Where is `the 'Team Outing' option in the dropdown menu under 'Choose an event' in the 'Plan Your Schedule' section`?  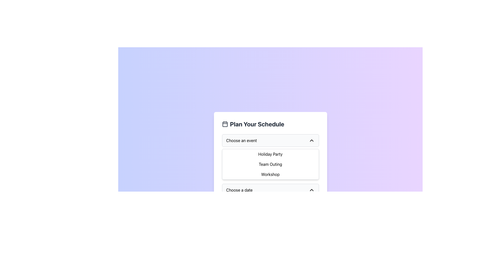 the 'Team Outing' option in the dropdown menu under 'Choose an event' in the 'Plan Your Schedule' section is located at coordinates (270, 164).